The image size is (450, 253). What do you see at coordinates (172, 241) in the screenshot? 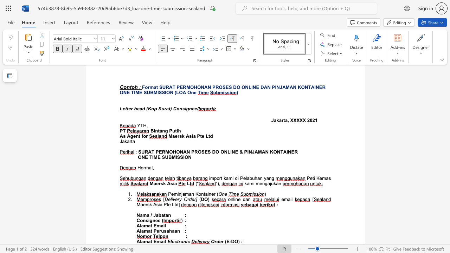
I see `the subset text "ectron" within the text "Electronic"` at bounding box center [172, 241].